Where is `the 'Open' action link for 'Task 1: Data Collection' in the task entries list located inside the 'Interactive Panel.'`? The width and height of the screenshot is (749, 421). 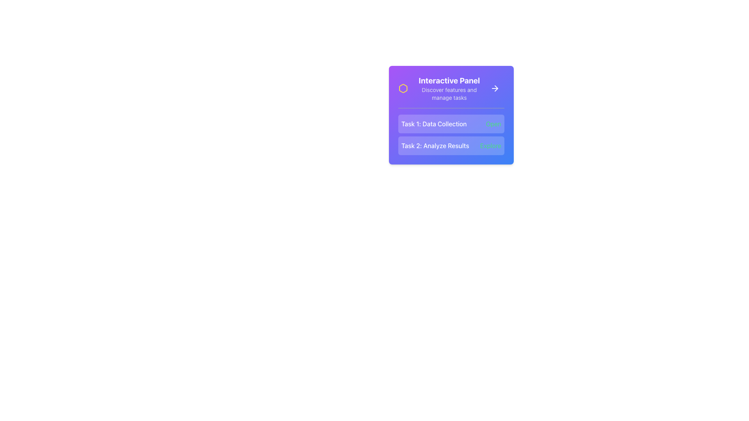
the 'Open' action link for 'Task 1: Data Collection' in the task entries list located inside the 'Interactive Panel.' is located at coordinates (451, 134).